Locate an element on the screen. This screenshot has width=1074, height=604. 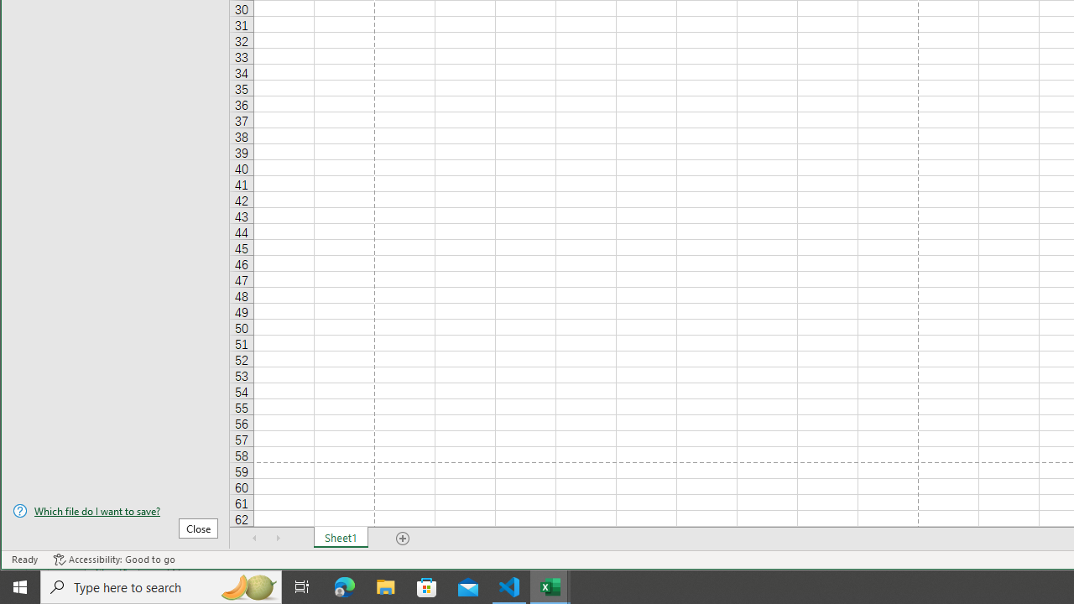
'Scroll Left' is located at coordinates (254, 538).